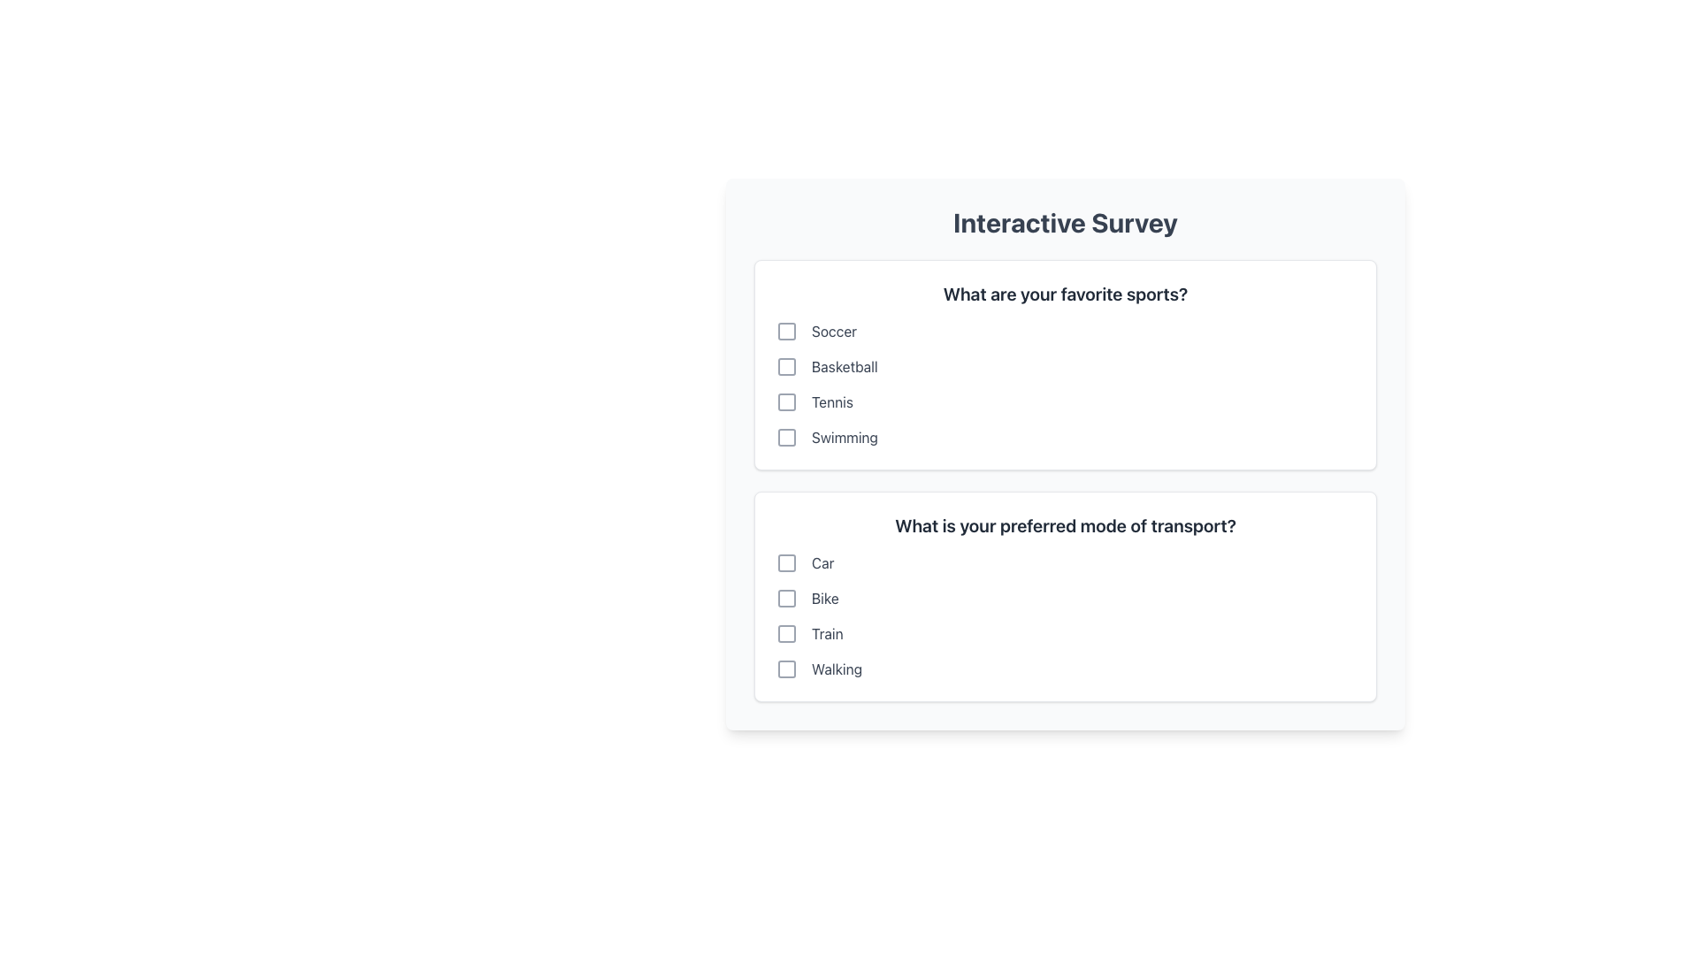 This screenshot has width=1698, height=955. Describe the element at coordinates (1064, 562) in the screenshot. I see `the checkbox for the 'Car' option in the transport selection list` at that location.